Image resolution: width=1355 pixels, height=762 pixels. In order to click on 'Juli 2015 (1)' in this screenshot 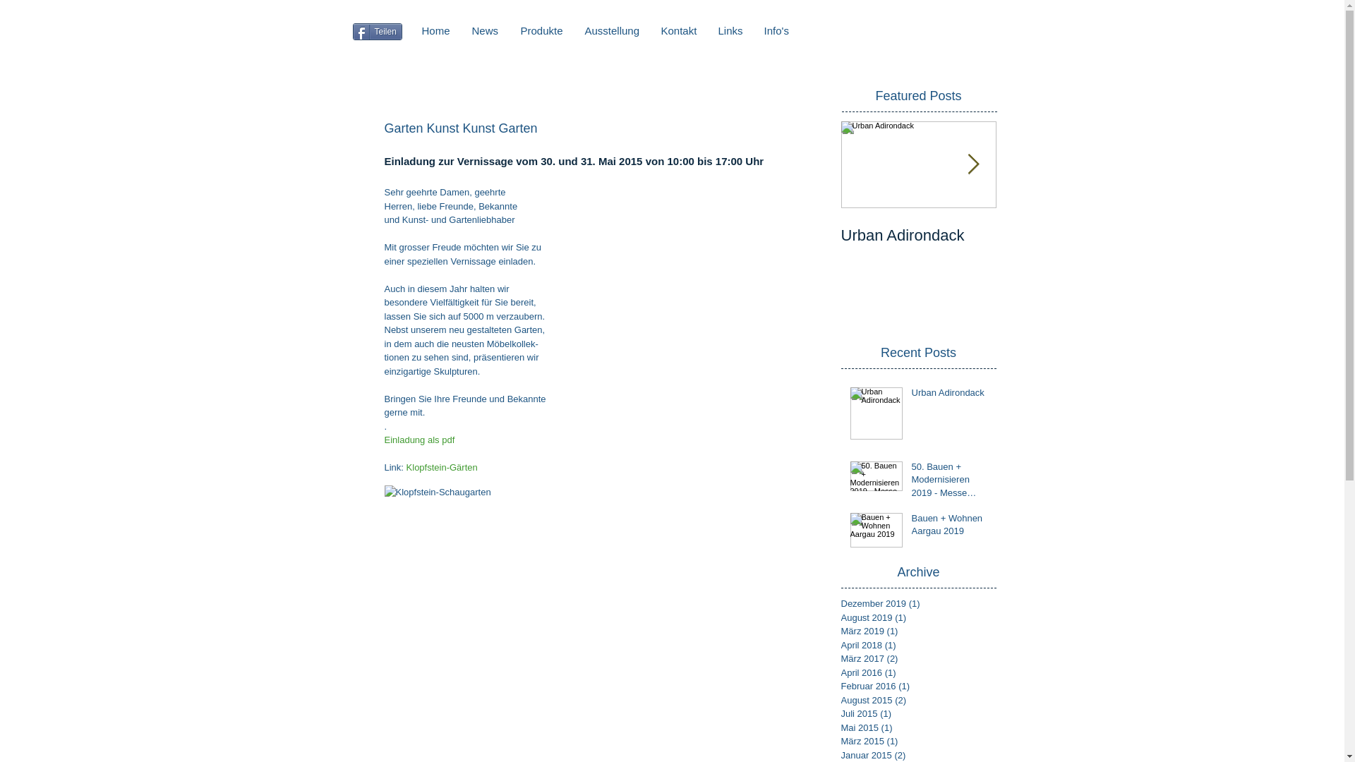, I will do `click(915, 713)`.